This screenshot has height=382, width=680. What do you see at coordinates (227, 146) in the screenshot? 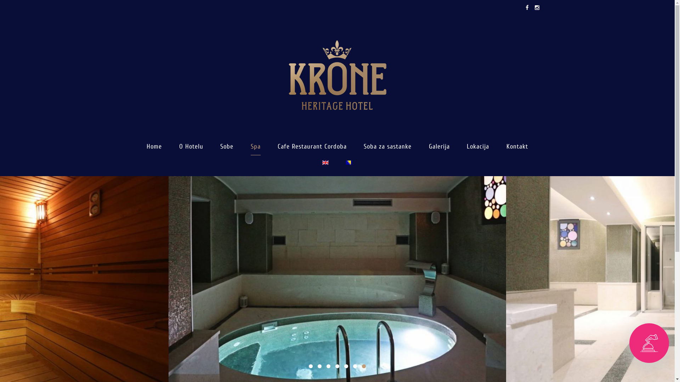
I see `'Sobe'` at bounding box center [227, 146].